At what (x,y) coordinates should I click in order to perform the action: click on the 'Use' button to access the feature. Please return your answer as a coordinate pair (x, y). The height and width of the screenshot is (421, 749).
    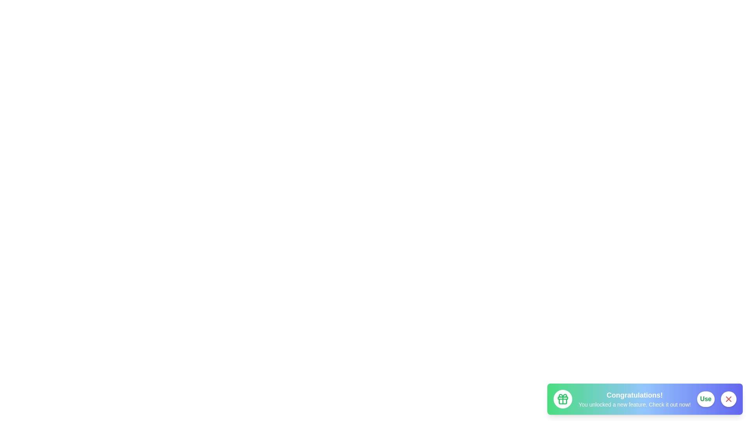
    Looking at the image, I should click on (706, 399).